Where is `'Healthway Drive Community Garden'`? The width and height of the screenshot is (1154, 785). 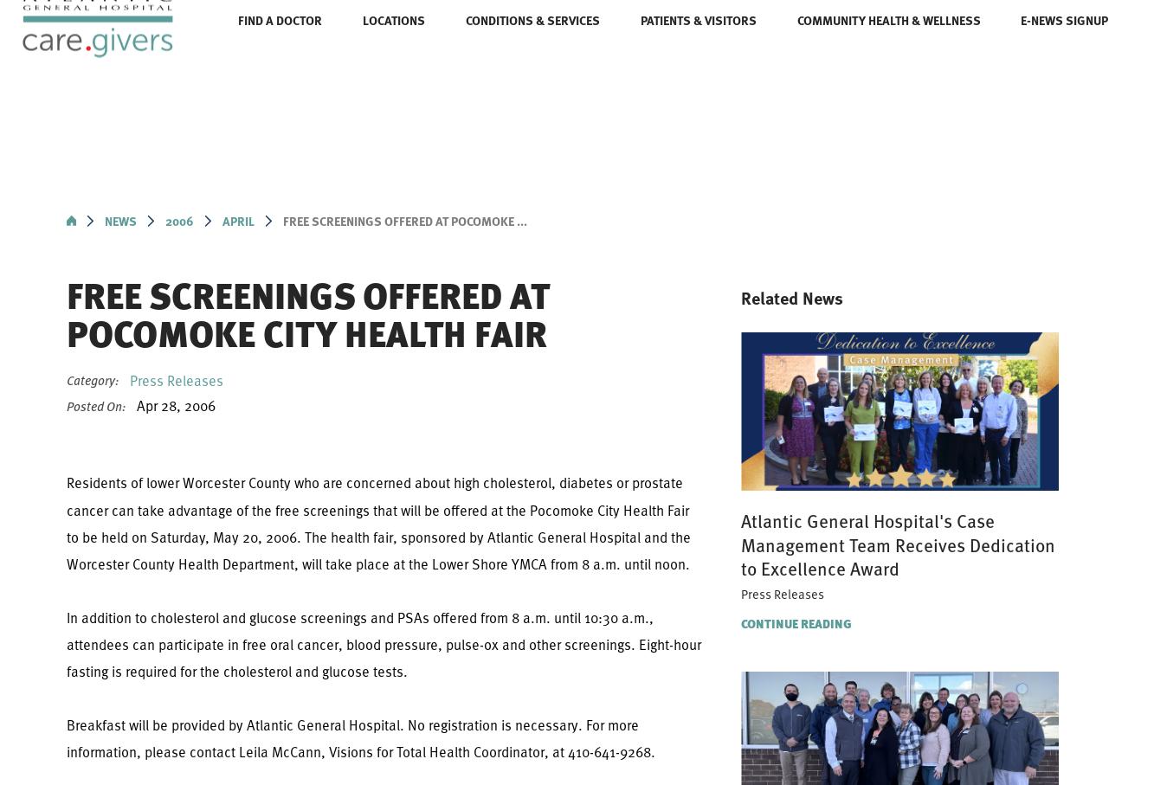 'Healthway Drive Community Garden' is located at coordinates (309, 213).